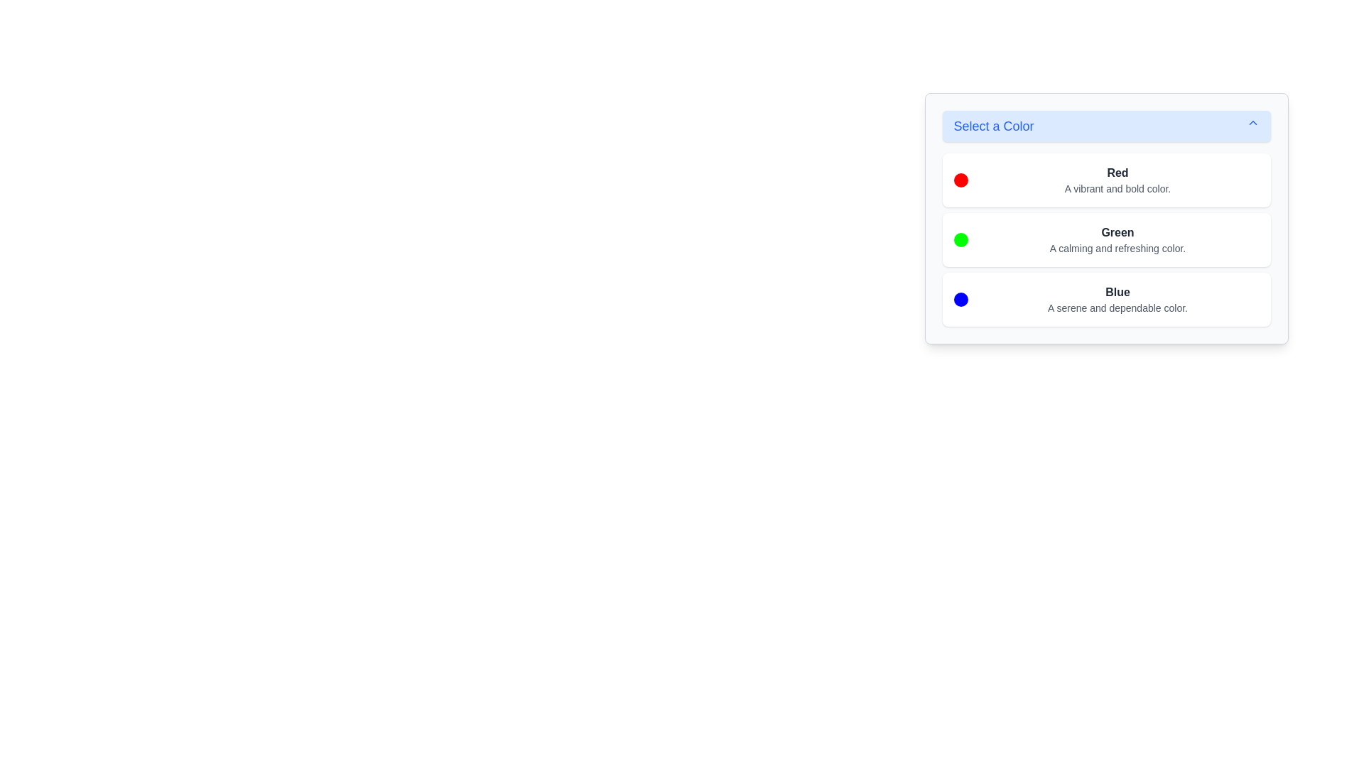 The height and width of the screenshot is (767, 1364). Describe the element at coordinates (960, 239) in the screenshot. I see `the small green circular color indicator located to the left of the 'Green' label in the color selection list` at that location.